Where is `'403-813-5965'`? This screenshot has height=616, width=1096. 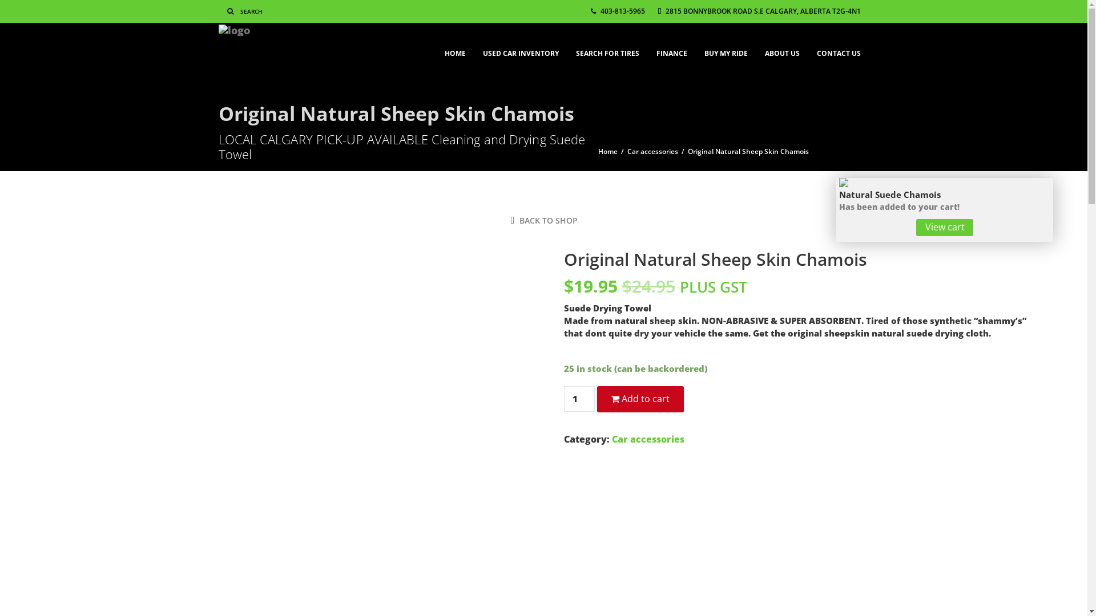 '403-813-5965' is located at coordinates (616, 11).